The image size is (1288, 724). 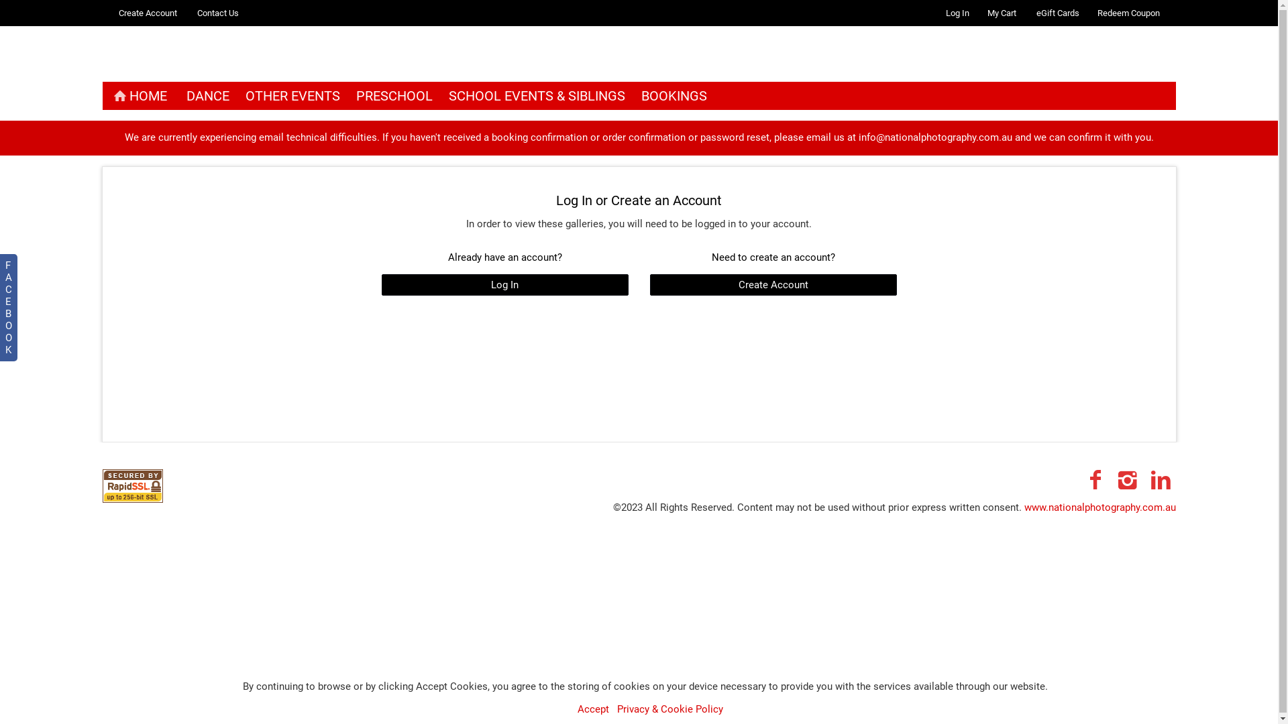 I want to click on 'HOME', so click(x=138, y=95).